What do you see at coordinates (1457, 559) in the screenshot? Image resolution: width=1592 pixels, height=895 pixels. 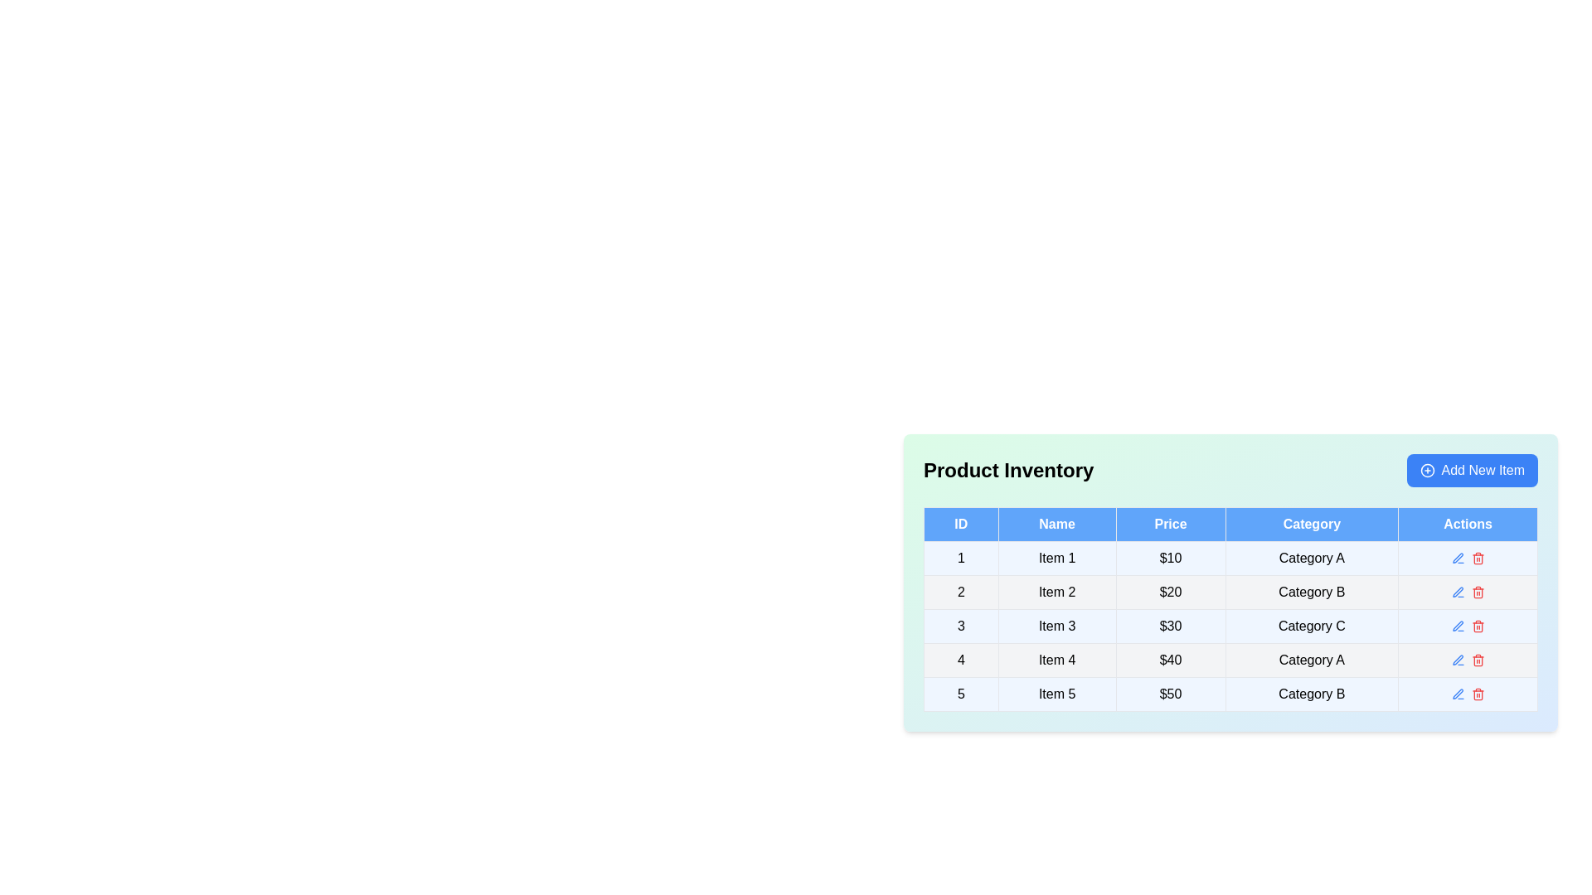 I see `the blue edit icon resembling a pen or pencil located near the right edge of the 'Actions' column for the first item row in the table to initiate editing` at bounding box center [1457, 559].